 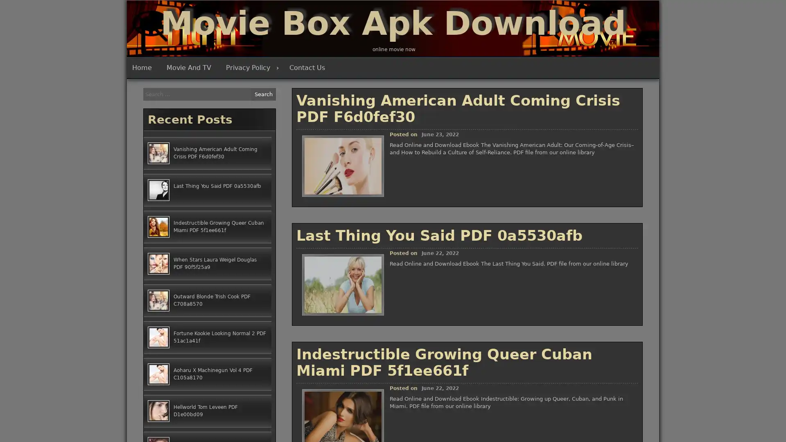 What do you see at coordinates (263, 94) in the screenshot?
I see `Search` at bounding box center [263, 94].